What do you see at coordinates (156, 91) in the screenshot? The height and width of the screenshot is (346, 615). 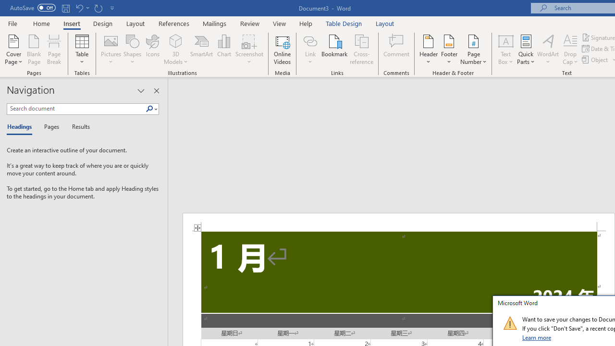 I see `'Close pane'` at bounding box center [156, 91].